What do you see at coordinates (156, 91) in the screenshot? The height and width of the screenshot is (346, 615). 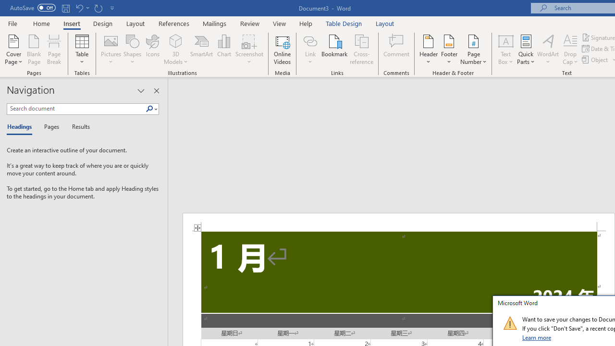 I see `'Close pane'` at bounding box center [156, 91].